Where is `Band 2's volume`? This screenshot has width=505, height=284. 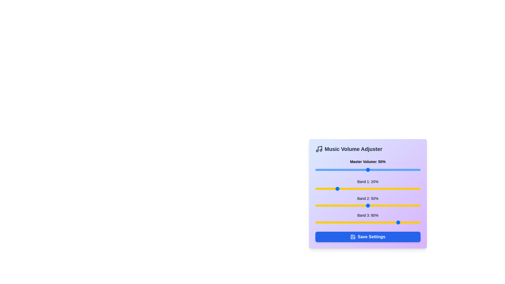 Band 2's volume is located at coordinates (383, 205).